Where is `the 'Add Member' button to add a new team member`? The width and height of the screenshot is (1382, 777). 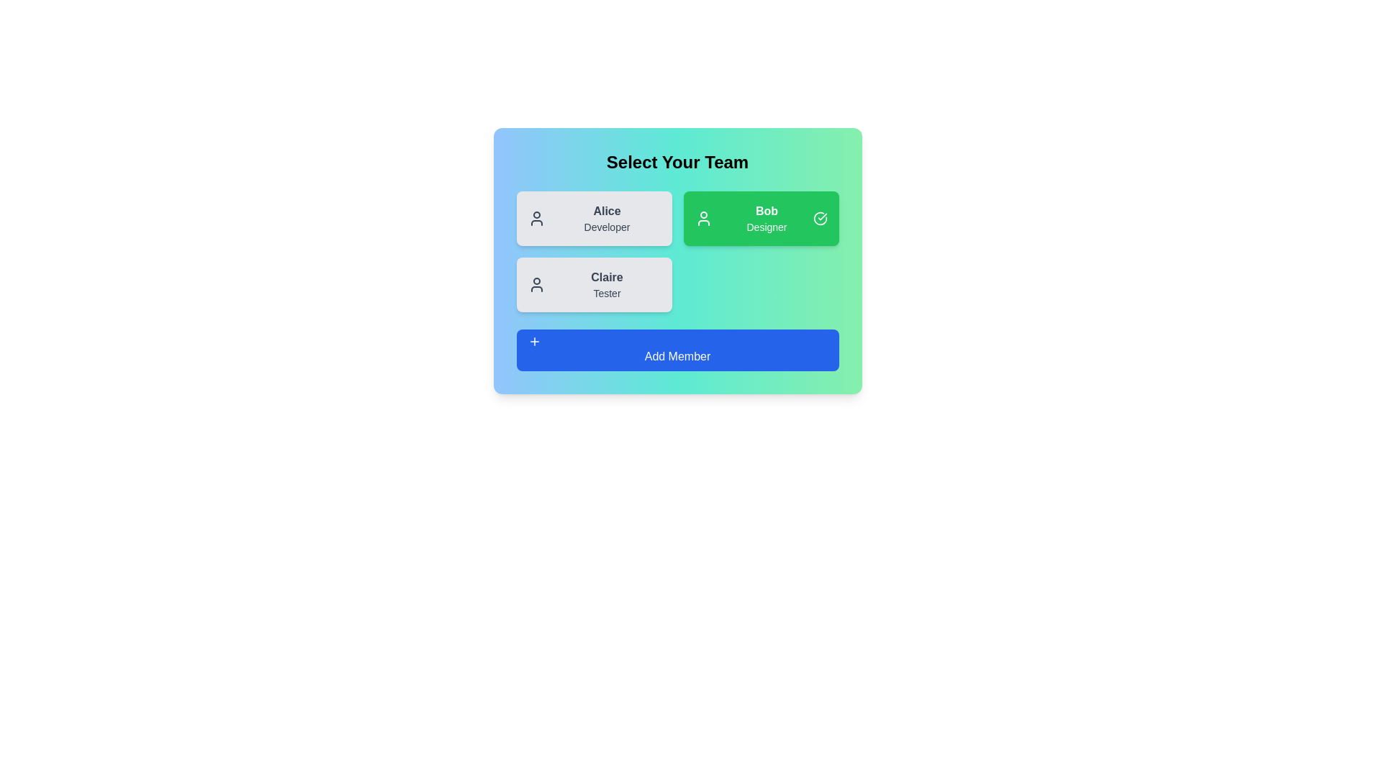
the 'Add Member' button to add a new team member is located at coordinates (677, 350).